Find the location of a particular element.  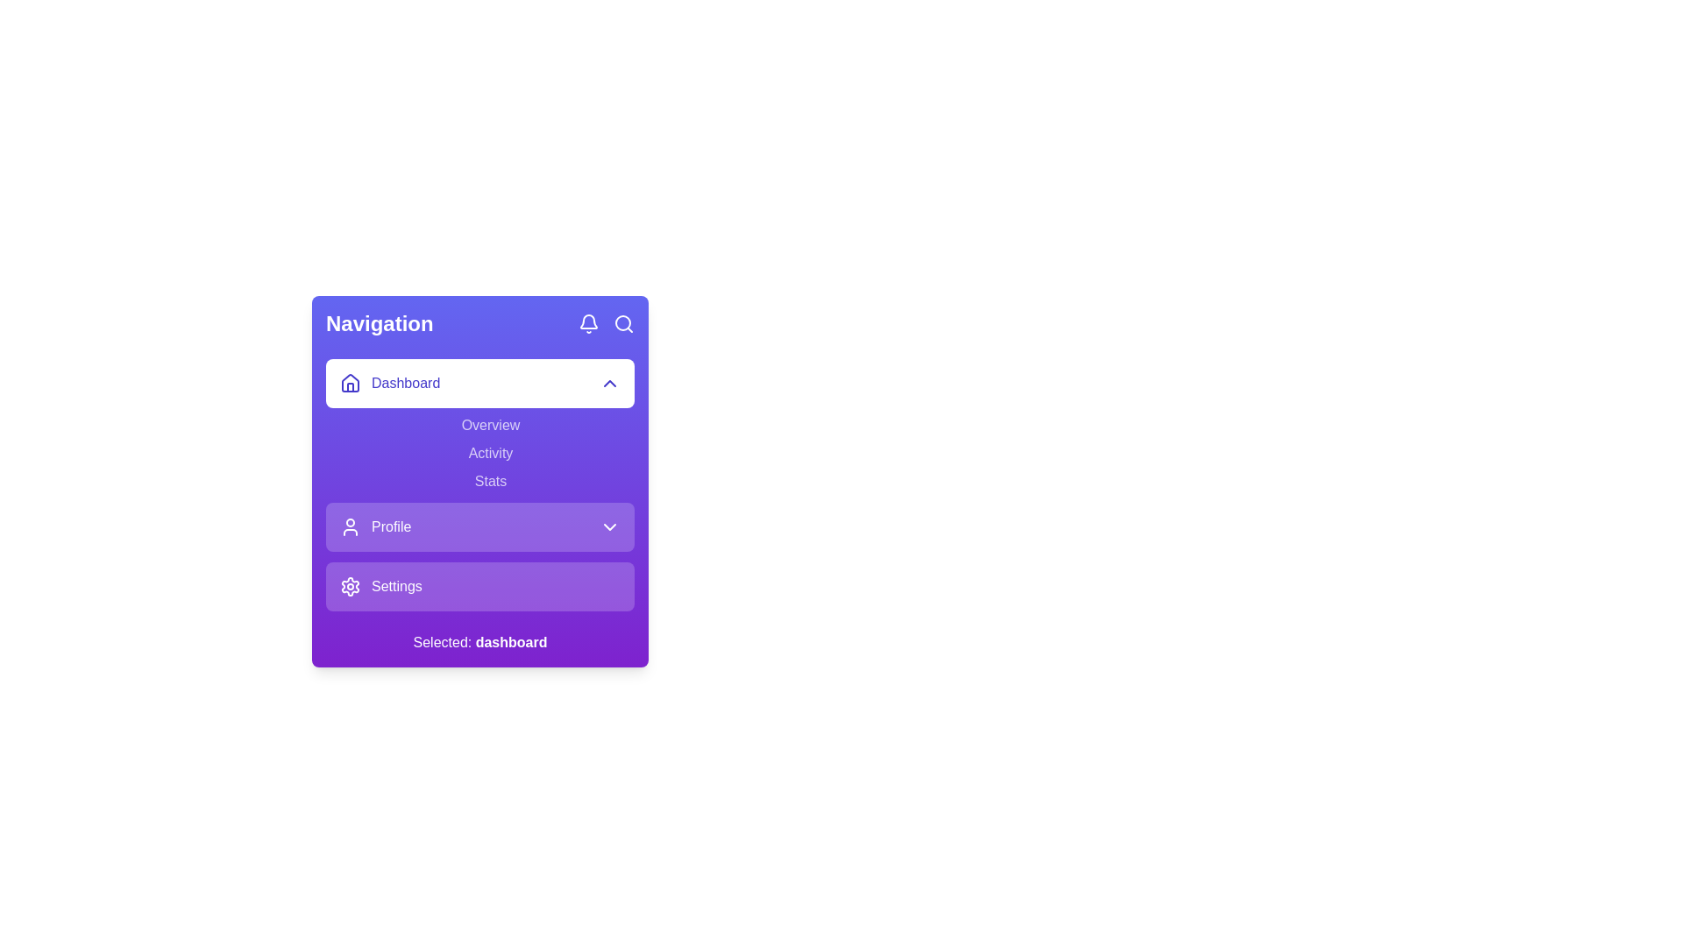

the 'Activity' text label, which is the second option in a vertical list of navigation items, to view the associated page is located at coordinates (491, 452).